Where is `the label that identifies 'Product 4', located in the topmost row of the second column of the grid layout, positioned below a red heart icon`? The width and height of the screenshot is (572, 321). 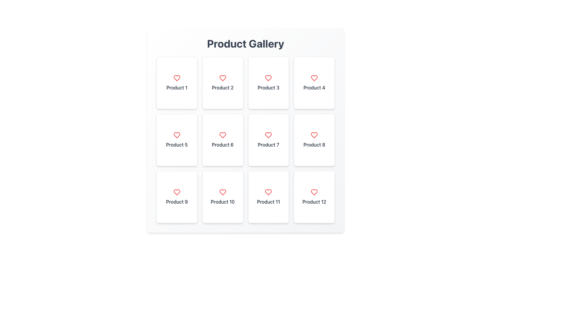
the label that identifies 'Product 4', located in the topmost row of the second column of the grid layout, positioned below a red heart icon is located at coordinates (314, 87).